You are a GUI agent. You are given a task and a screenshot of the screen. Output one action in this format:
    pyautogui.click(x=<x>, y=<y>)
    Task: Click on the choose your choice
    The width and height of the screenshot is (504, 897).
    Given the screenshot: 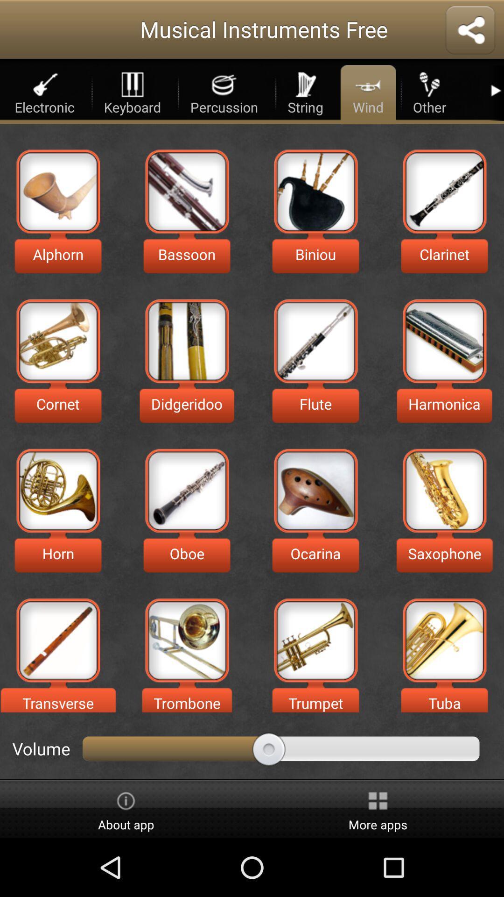 What is the action you would take?
    pyautogui.click(x=187, y=341)
    